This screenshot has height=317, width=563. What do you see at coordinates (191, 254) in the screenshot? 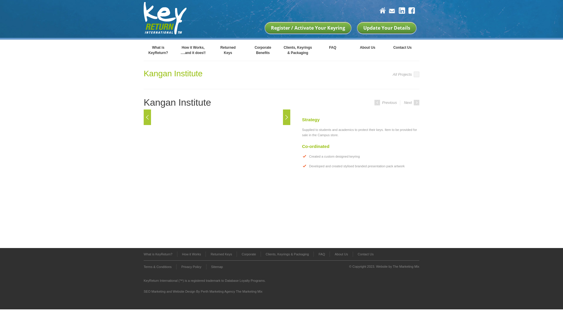
I see `'How it Works'` at bounding box center [191, 254].